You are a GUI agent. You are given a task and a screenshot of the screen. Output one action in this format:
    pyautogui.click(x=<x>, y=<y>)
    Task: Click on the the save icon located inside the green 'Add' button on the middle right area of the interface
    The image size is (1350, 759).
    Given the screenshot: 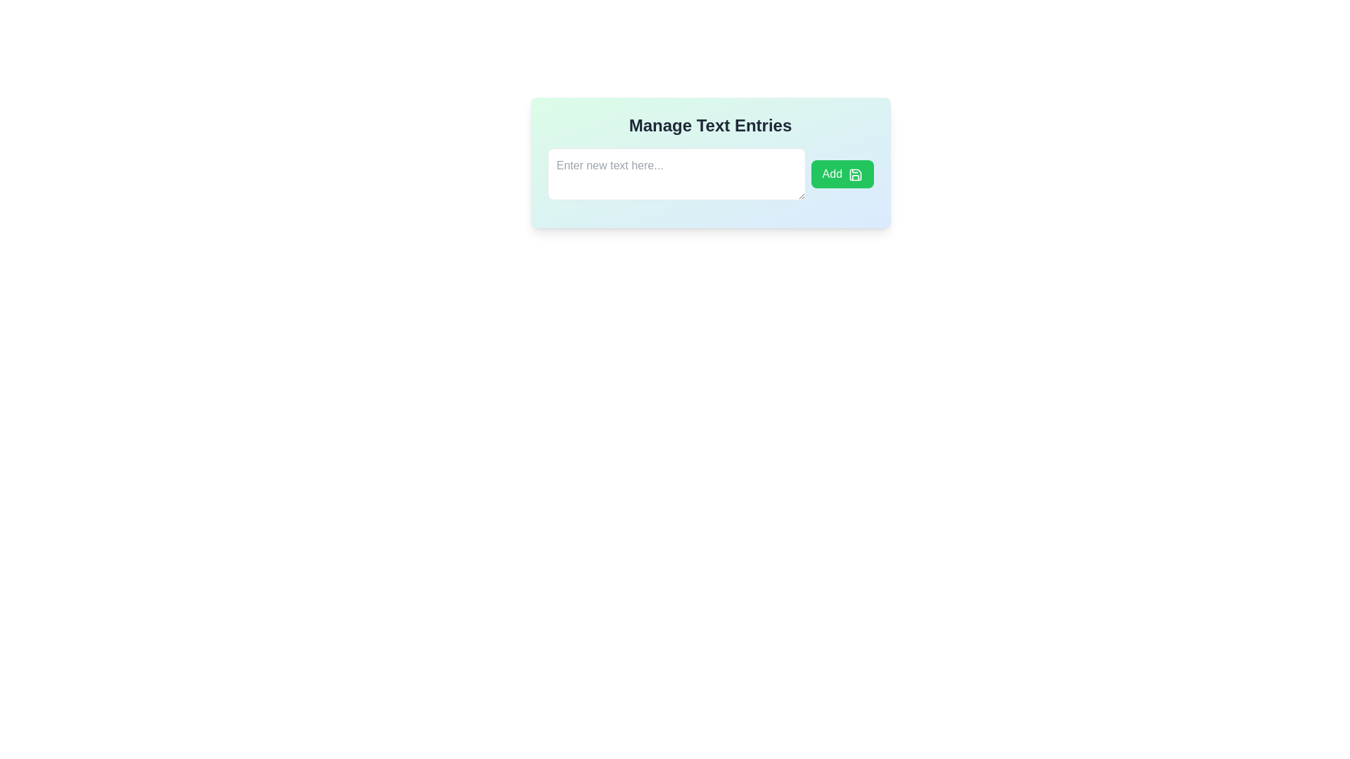 What is the action you would take?
    pyautogui.click(x=854, y=174)
    